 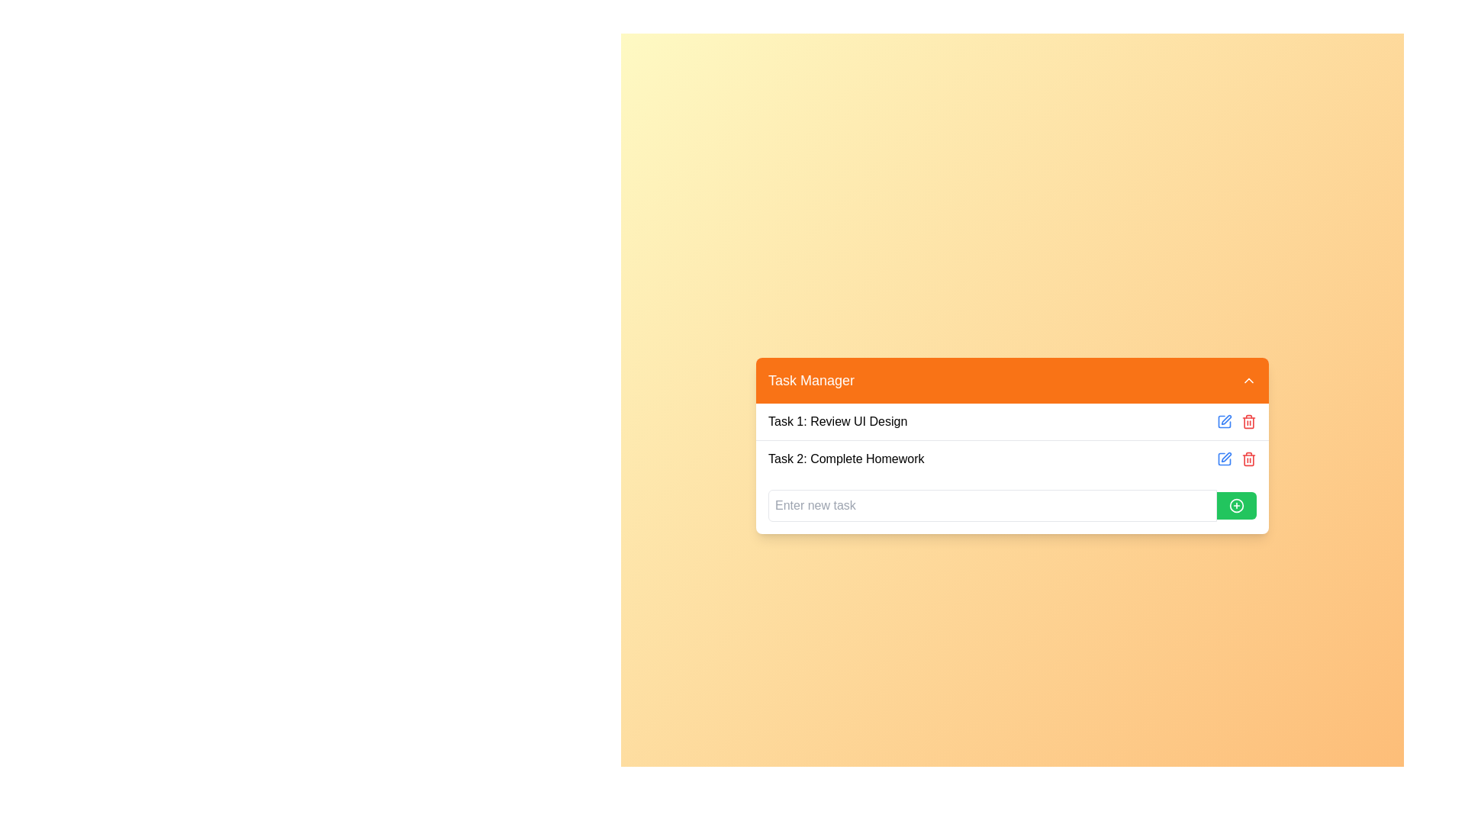 What do you see at coordinates (1237, 505) in the screenshot?
I see `the graphical circle element used for adding or confirming tasks, located at the bottom-right of the task manager interface` at bounding box center [1237, 505].